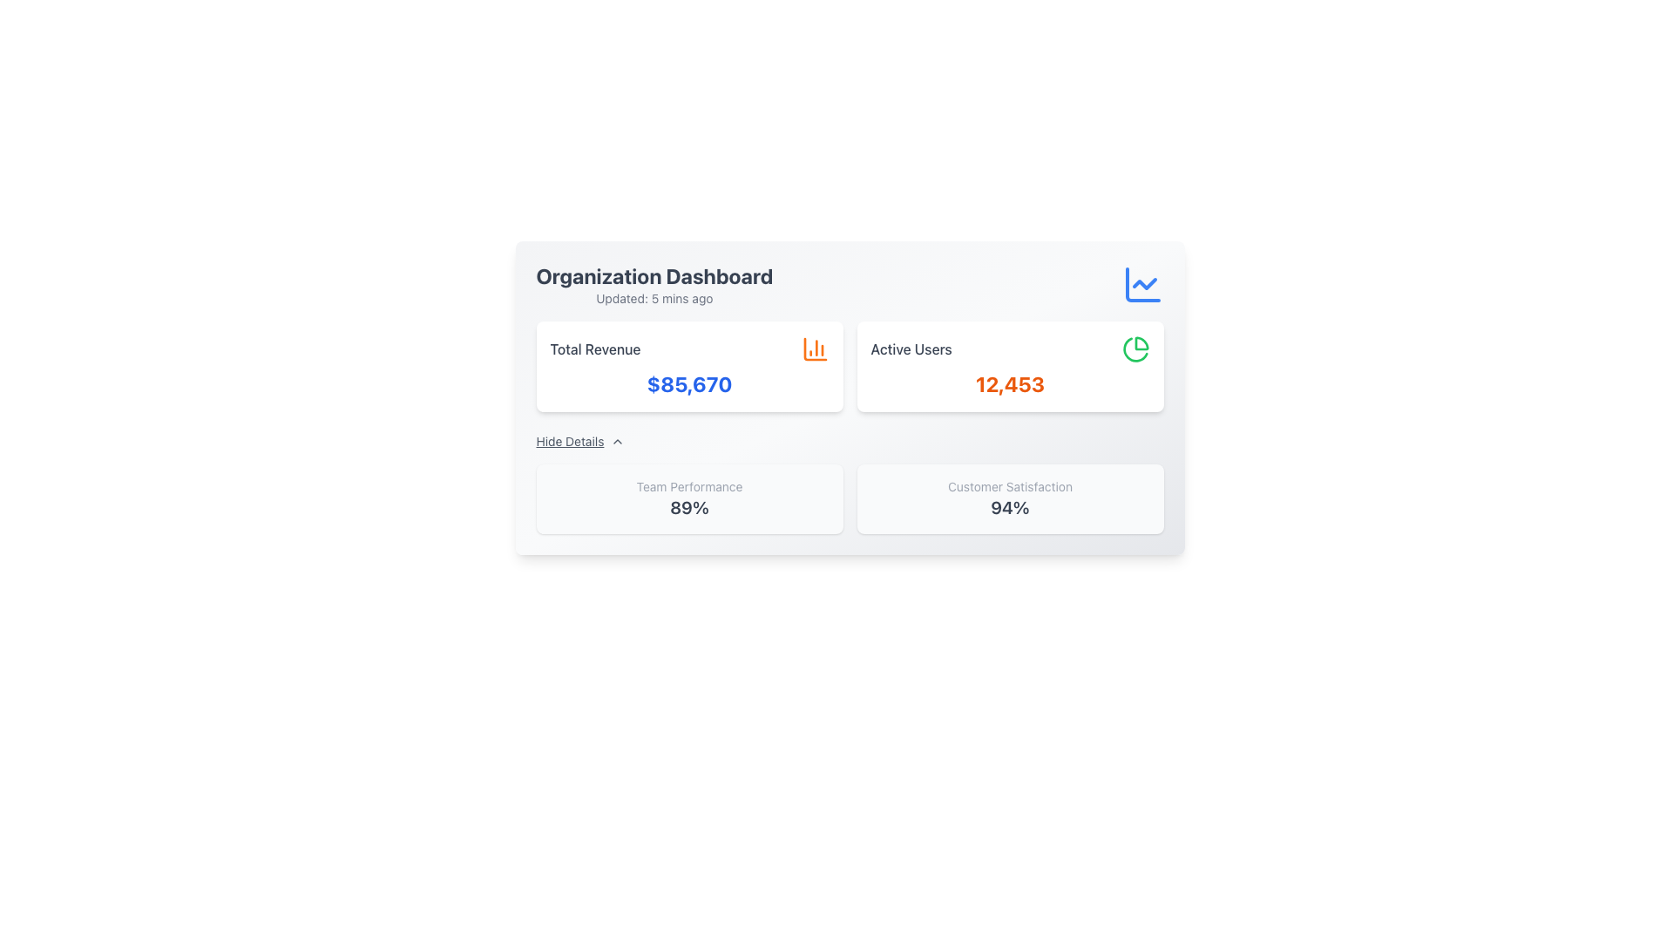 The width and height of the screenshot is (1673, 941). What do you see at coordinates (1010, 382) in the screenshot?
I see `the text label displaying the count of active users located centrally beneath the 'Active Users' label in the dashboard` at bounding box center [1010, 382].